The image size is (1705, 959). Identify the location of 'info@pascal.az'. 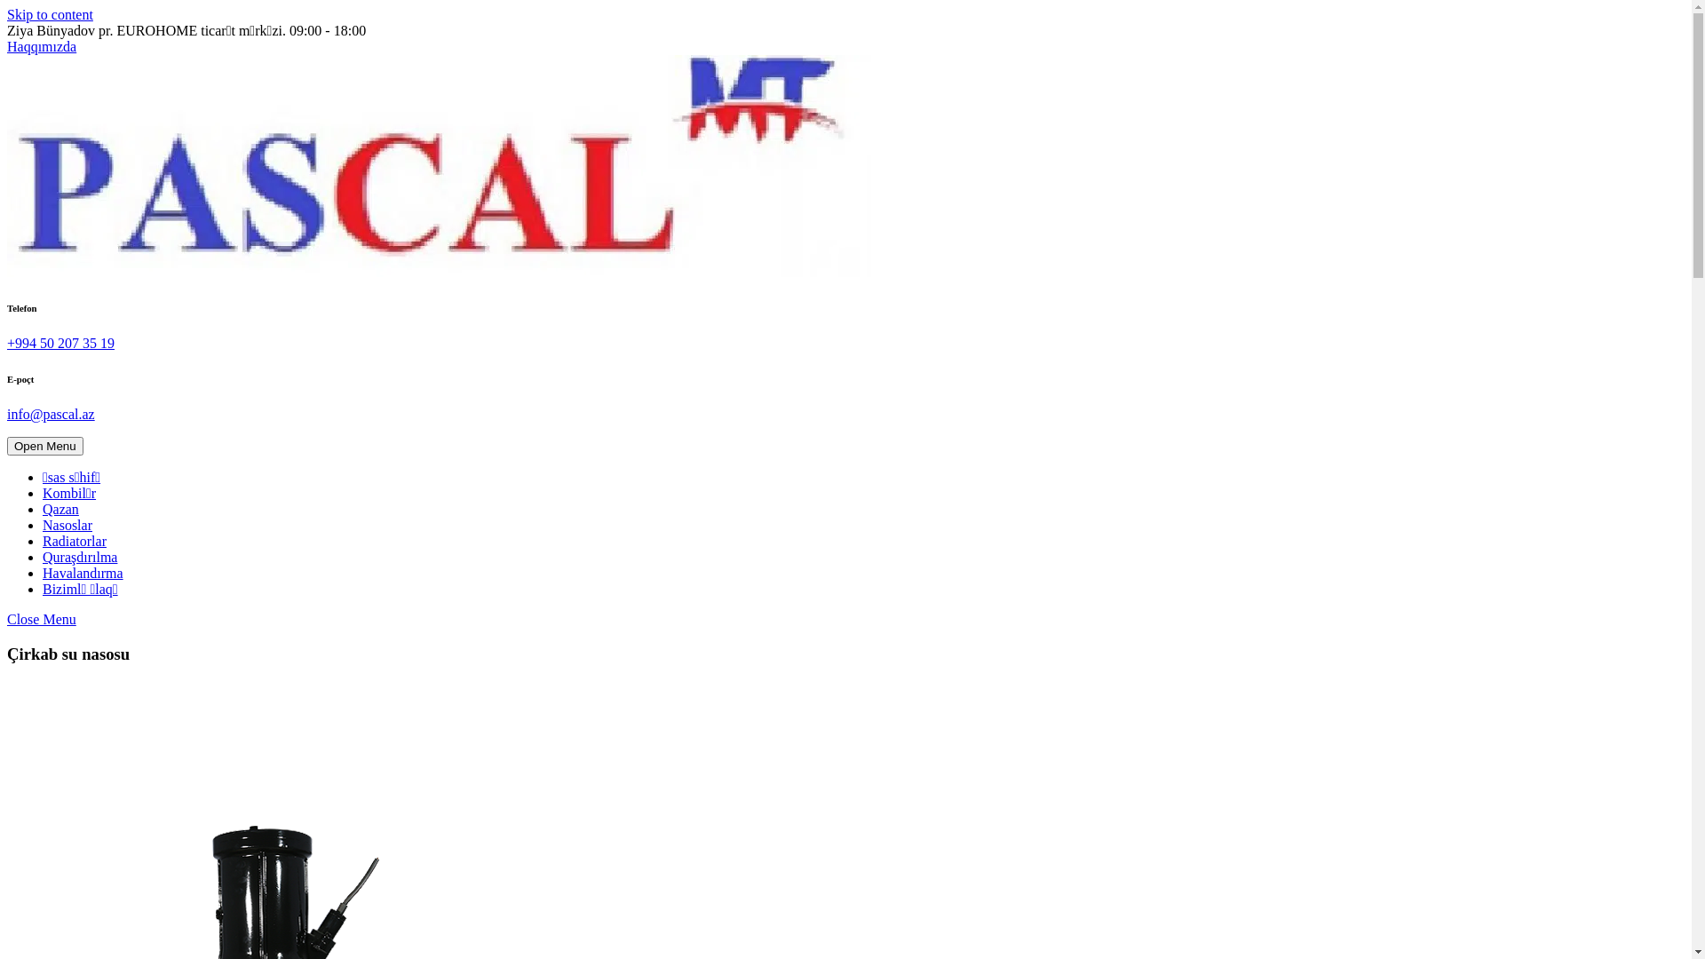
(51, 414).